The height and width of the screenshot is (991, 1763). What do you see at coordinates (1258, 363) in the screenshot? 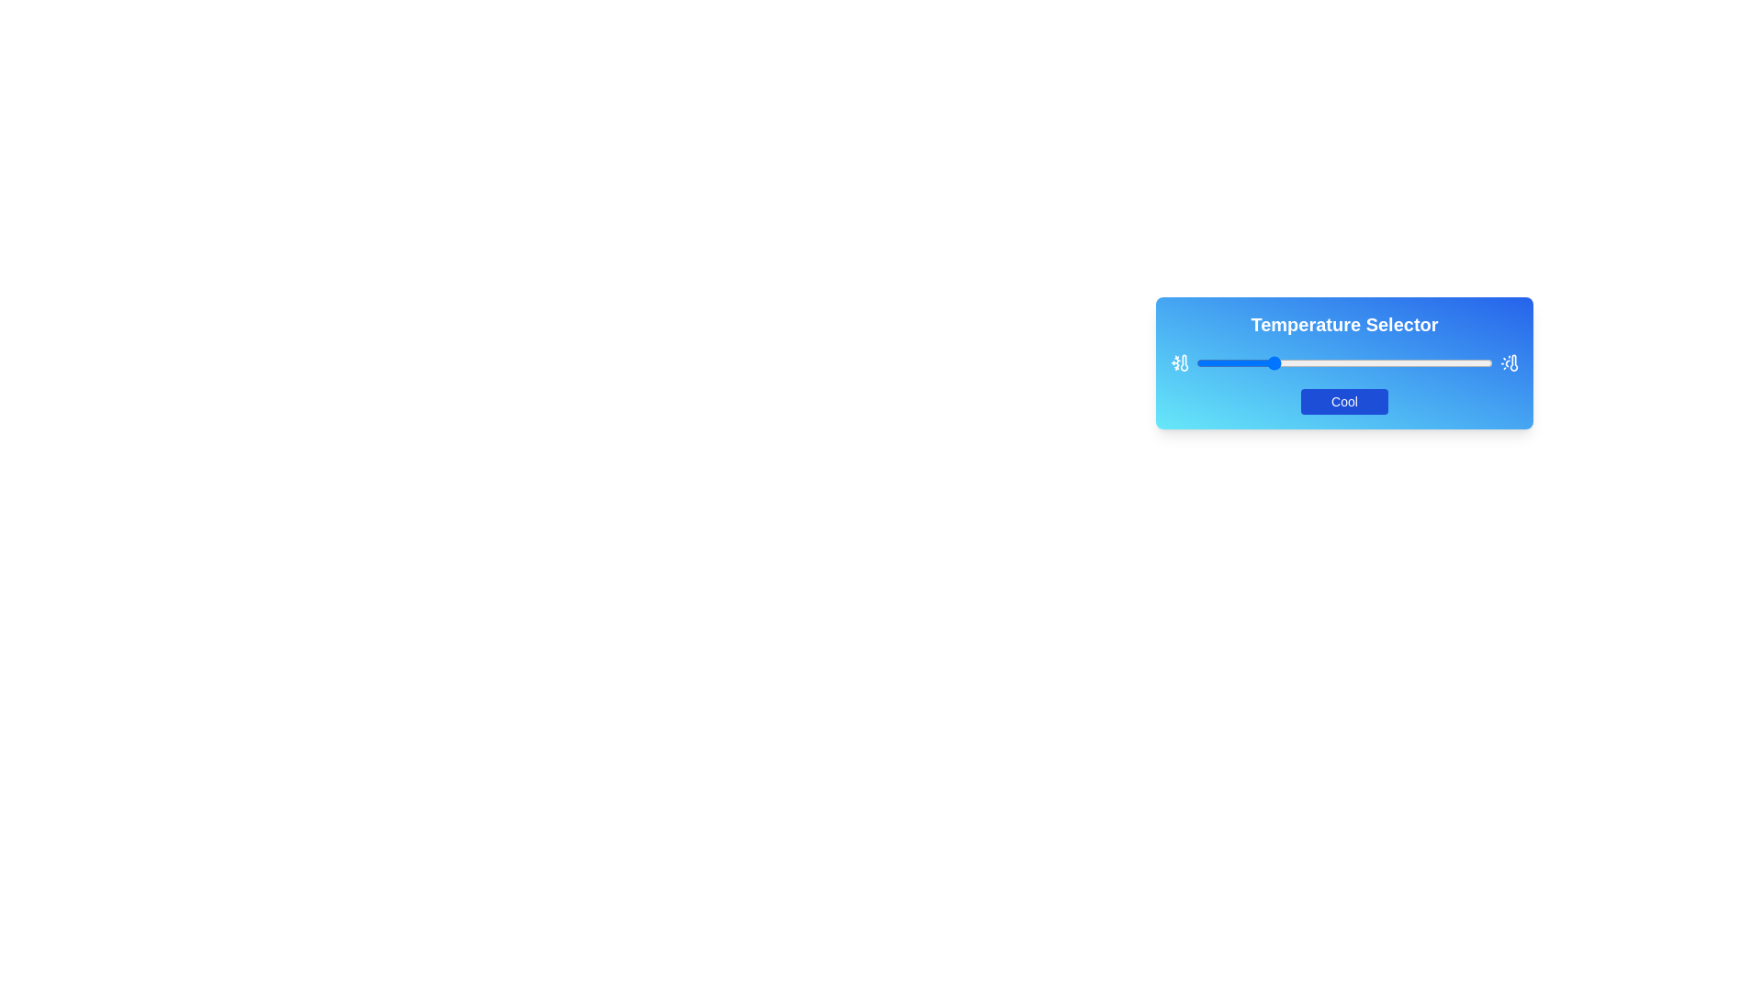
I see `the slider to set the temperature to 21` at bounding box center [1258, 363].